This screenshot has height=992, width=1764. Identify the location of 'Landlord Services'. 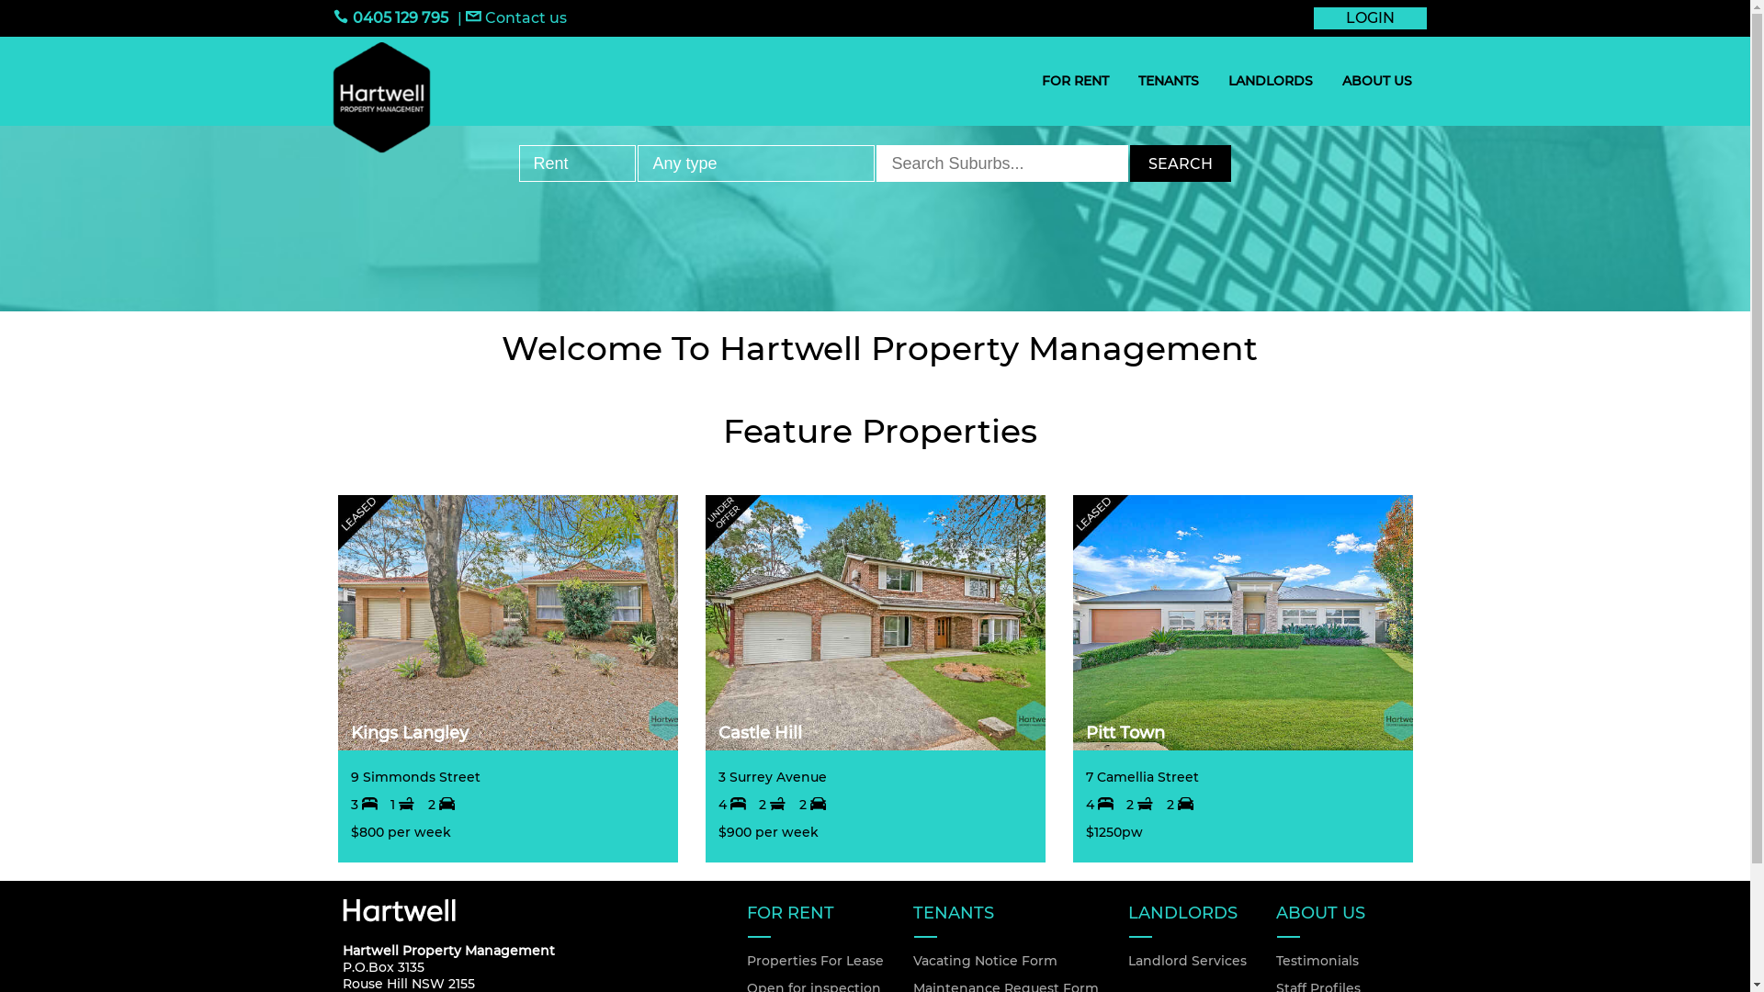
(1187, 959).